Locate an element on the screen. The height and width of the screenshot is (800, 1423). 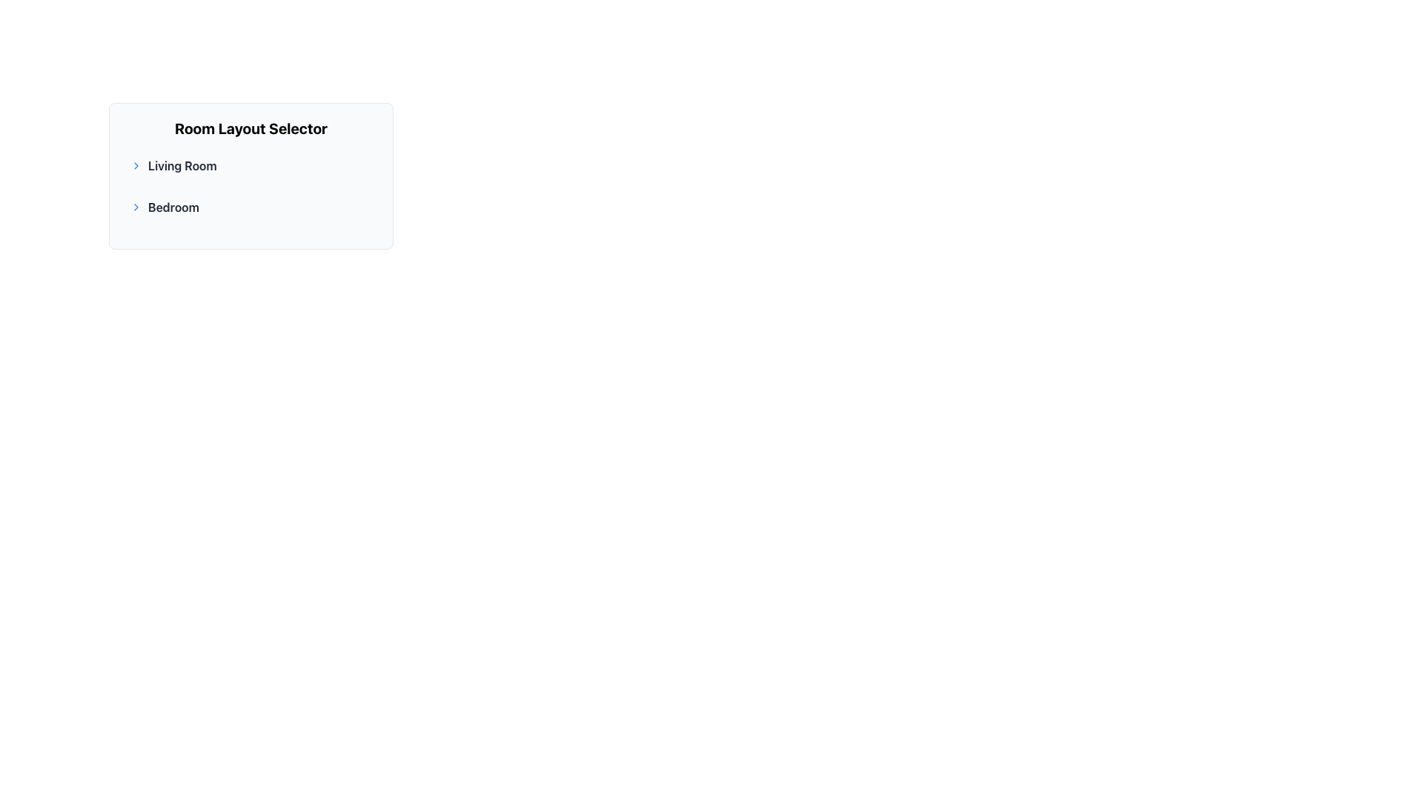
the static text element that serves as a title or heading for the section above the 'Living Room' and 'Bedroom' options is located at coordinates (251, 127).